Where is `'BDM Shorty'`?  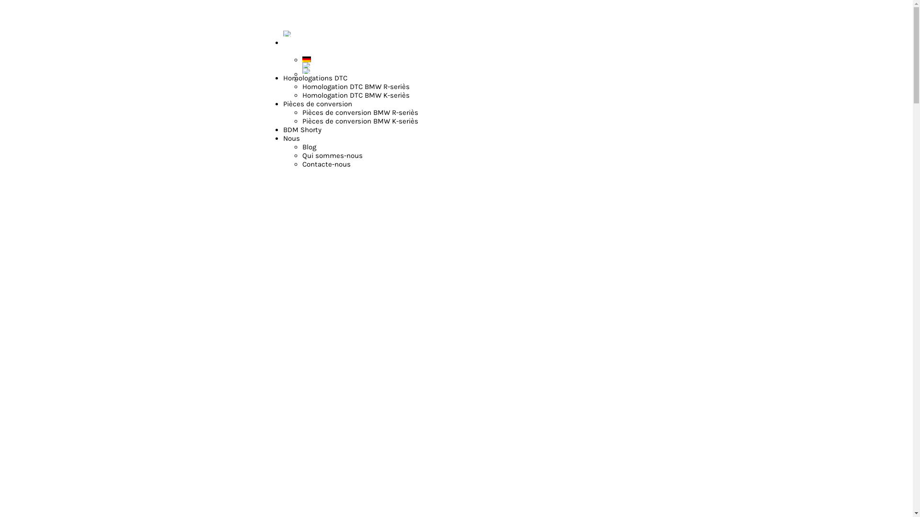
'BDM Shorty' is located at coordinates (301, 129).